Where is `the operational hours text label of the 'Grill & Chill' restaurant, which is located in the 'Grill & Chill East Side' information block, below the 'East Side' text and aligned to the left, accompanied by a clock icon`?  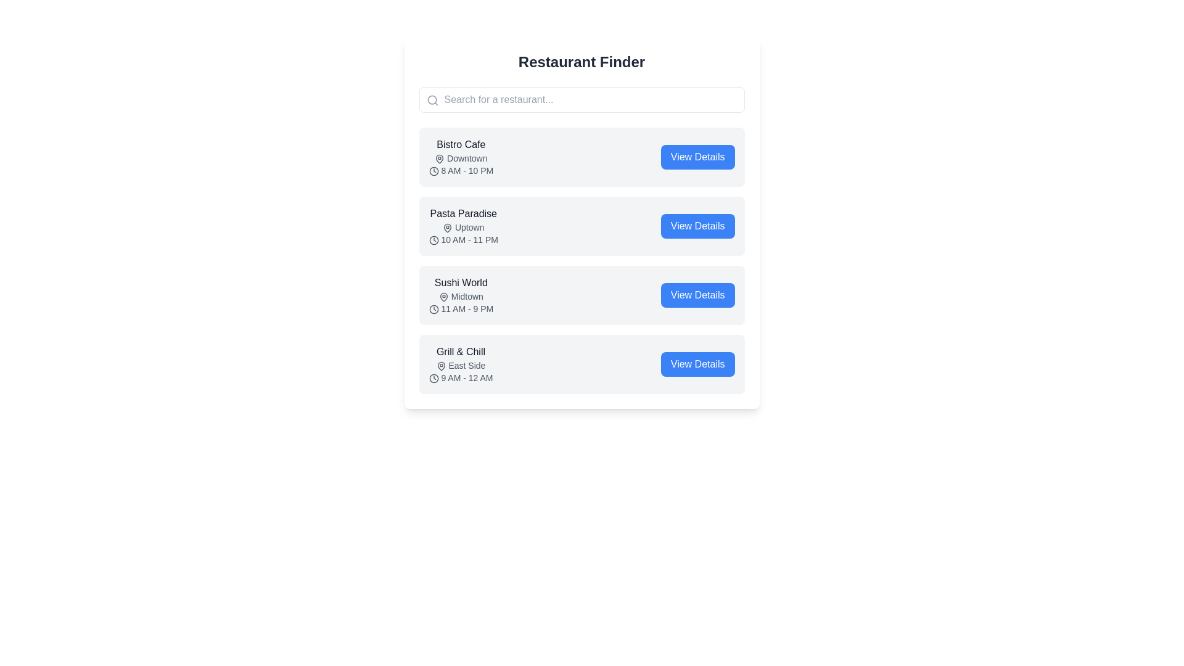 the operational hours text label of the 'Grill & Chill' restaurant, which is located in the 'Grill & Chill East Side' information block, below the 'East Side' text and aligned to the left, accompanied by a clock icon is located at coordinates (460, 377).